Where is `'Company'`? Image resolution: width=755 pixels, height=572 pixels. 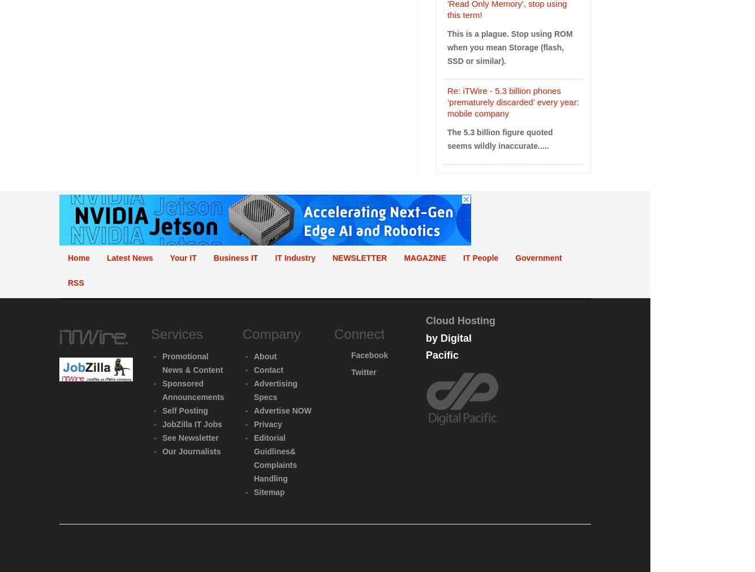 'Company' is located at coordinates (241, 333).